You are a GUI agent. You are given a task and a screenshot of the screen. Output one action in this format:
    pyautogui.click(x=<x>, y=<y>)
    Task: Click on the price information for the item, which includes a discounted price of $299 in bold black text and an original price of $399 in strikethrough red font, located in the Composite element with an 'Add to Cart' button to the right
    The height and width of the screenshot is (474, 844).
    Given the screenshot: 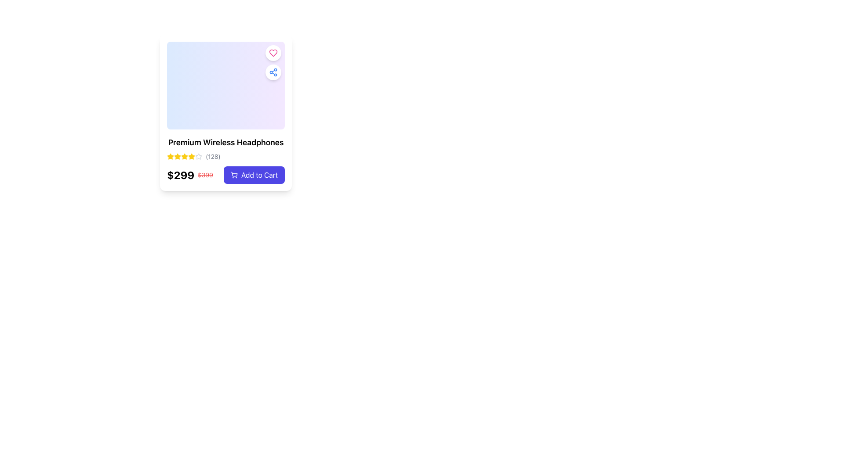 What is the action you would take?
    pyautogui.click(x=226, y=175)
    